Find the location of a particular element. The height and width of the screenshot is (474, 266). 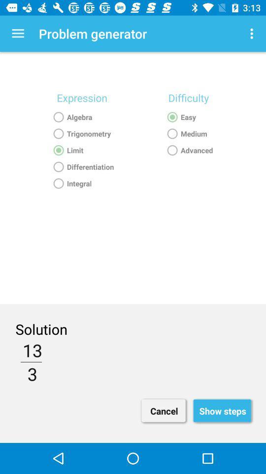

the text above limit is located at coordinates (81, 133).